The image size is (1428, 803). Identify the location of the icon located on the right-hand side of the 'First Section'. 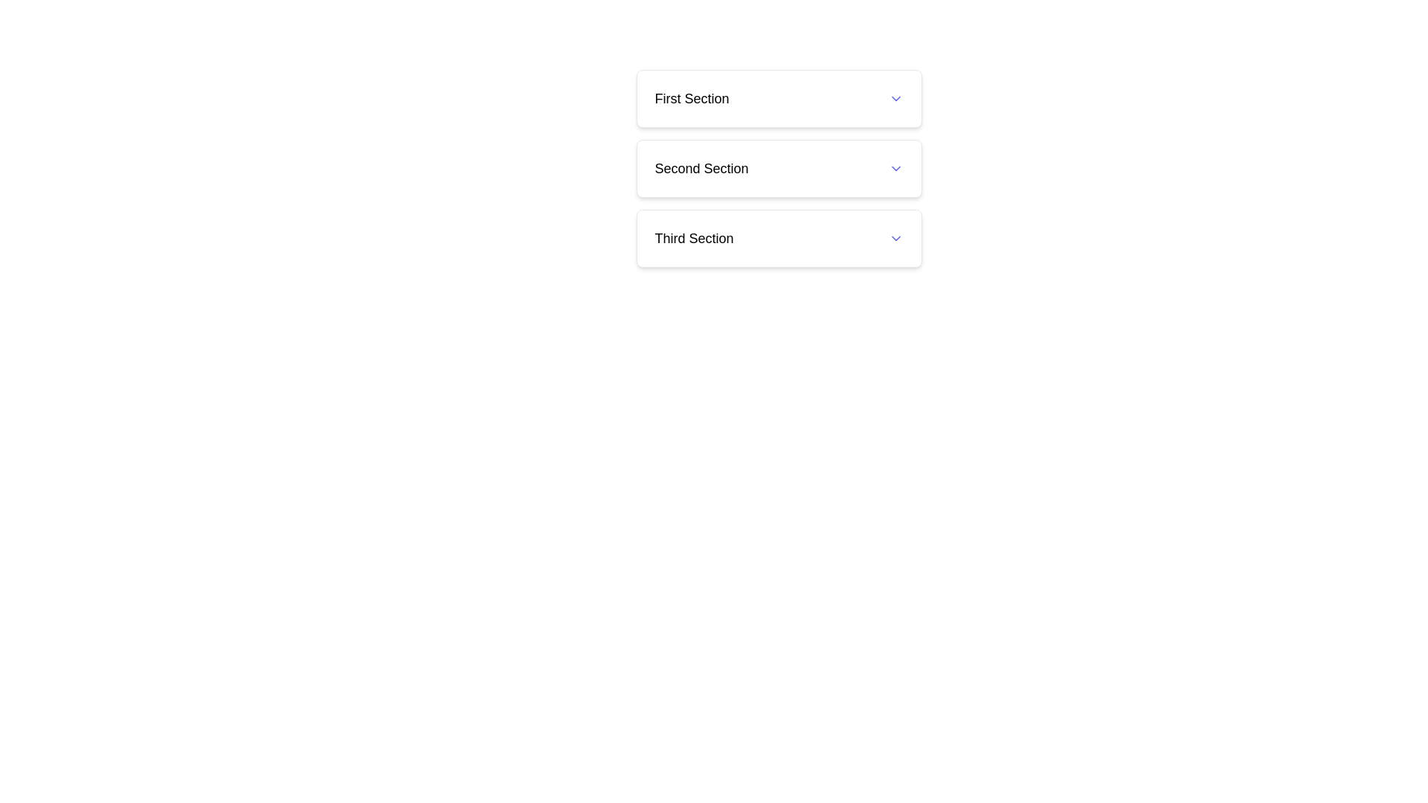
(895, 98).